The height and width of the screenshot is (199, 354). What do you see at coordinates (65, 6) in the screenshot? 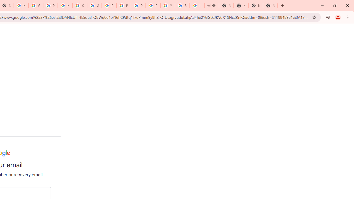
I see `'https://scholar.google.com/'` at bounding box center [65, 6].